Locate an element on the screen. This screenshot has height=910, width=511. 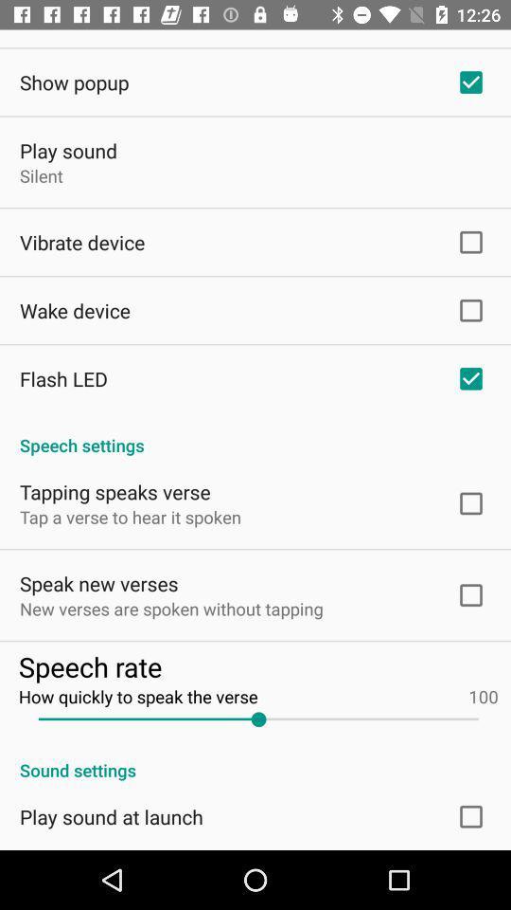
app above tapping speaks verse is located at coordinates (255, 435).